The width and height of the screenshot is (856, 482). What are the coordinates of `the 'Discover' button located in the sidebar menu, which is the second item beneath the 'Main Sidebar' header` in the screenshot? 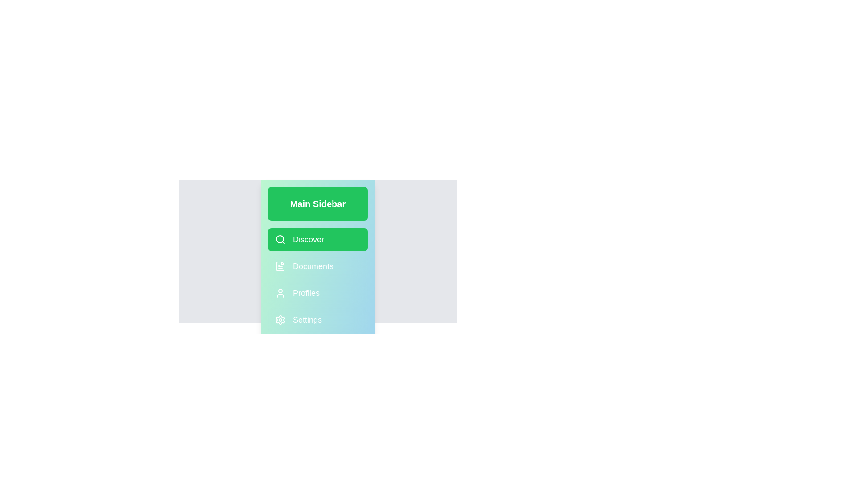 It's located at (318, 251).